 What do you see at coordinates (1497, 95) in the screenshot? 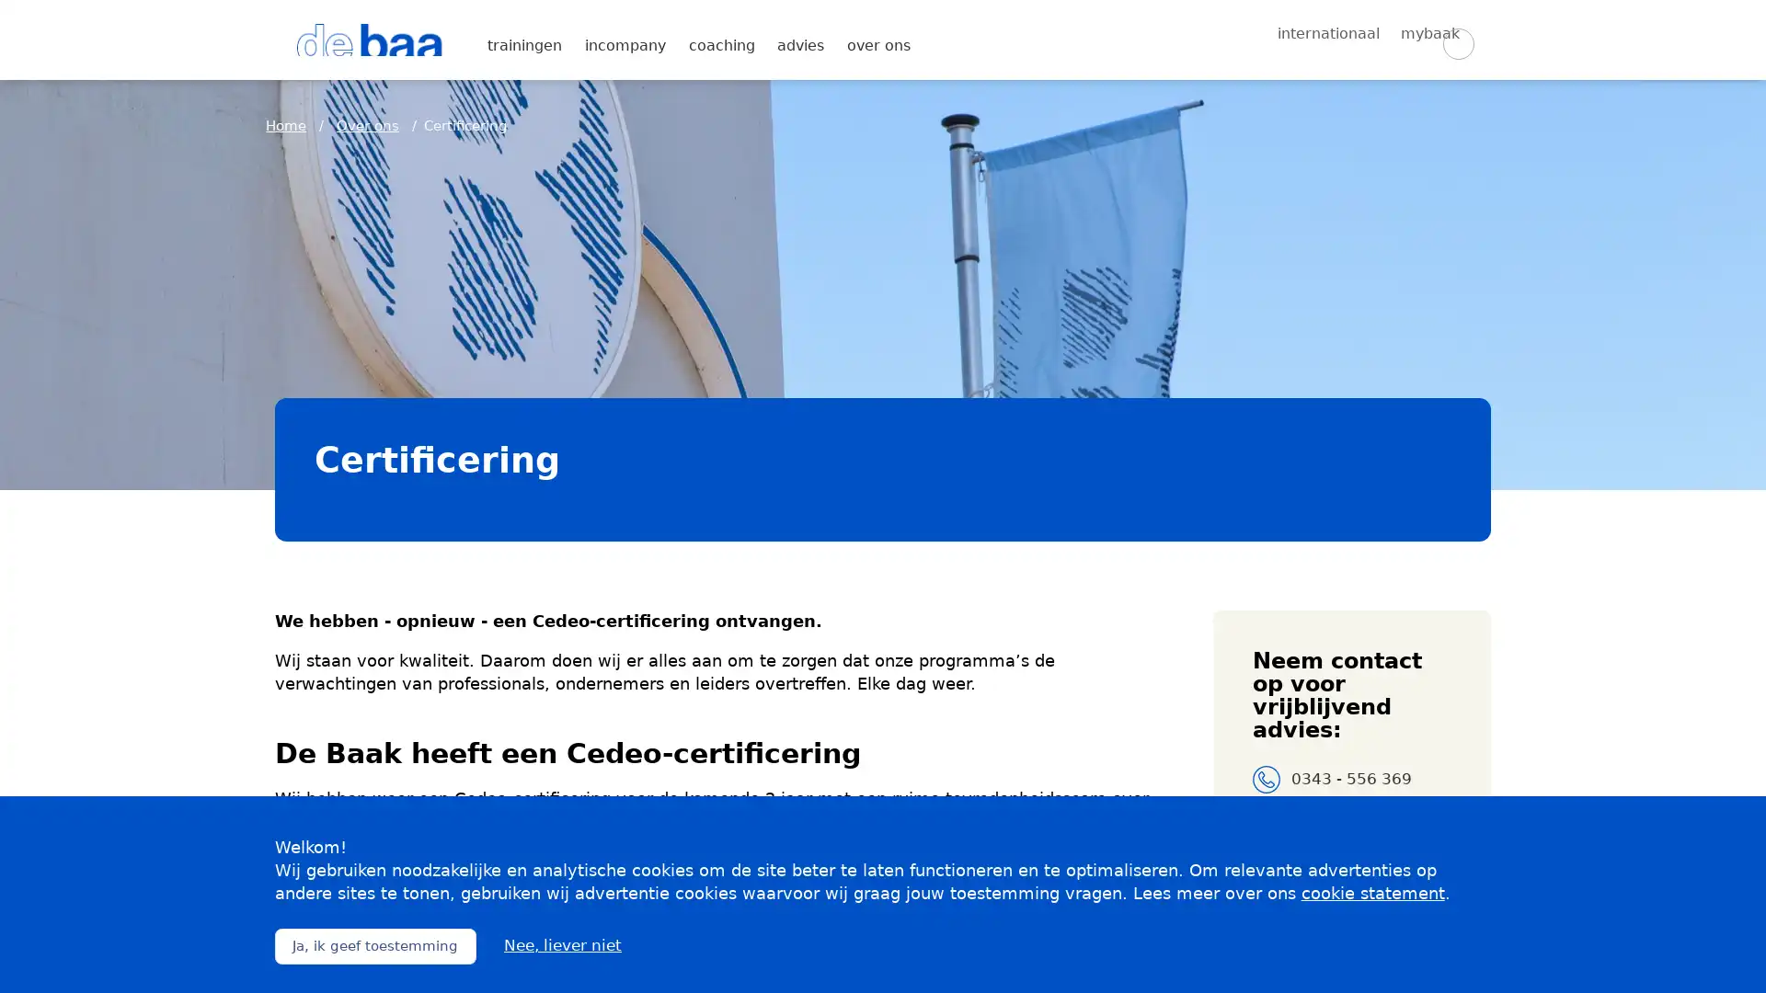
I see `Zoeken` at bounding box center [1497, 95].